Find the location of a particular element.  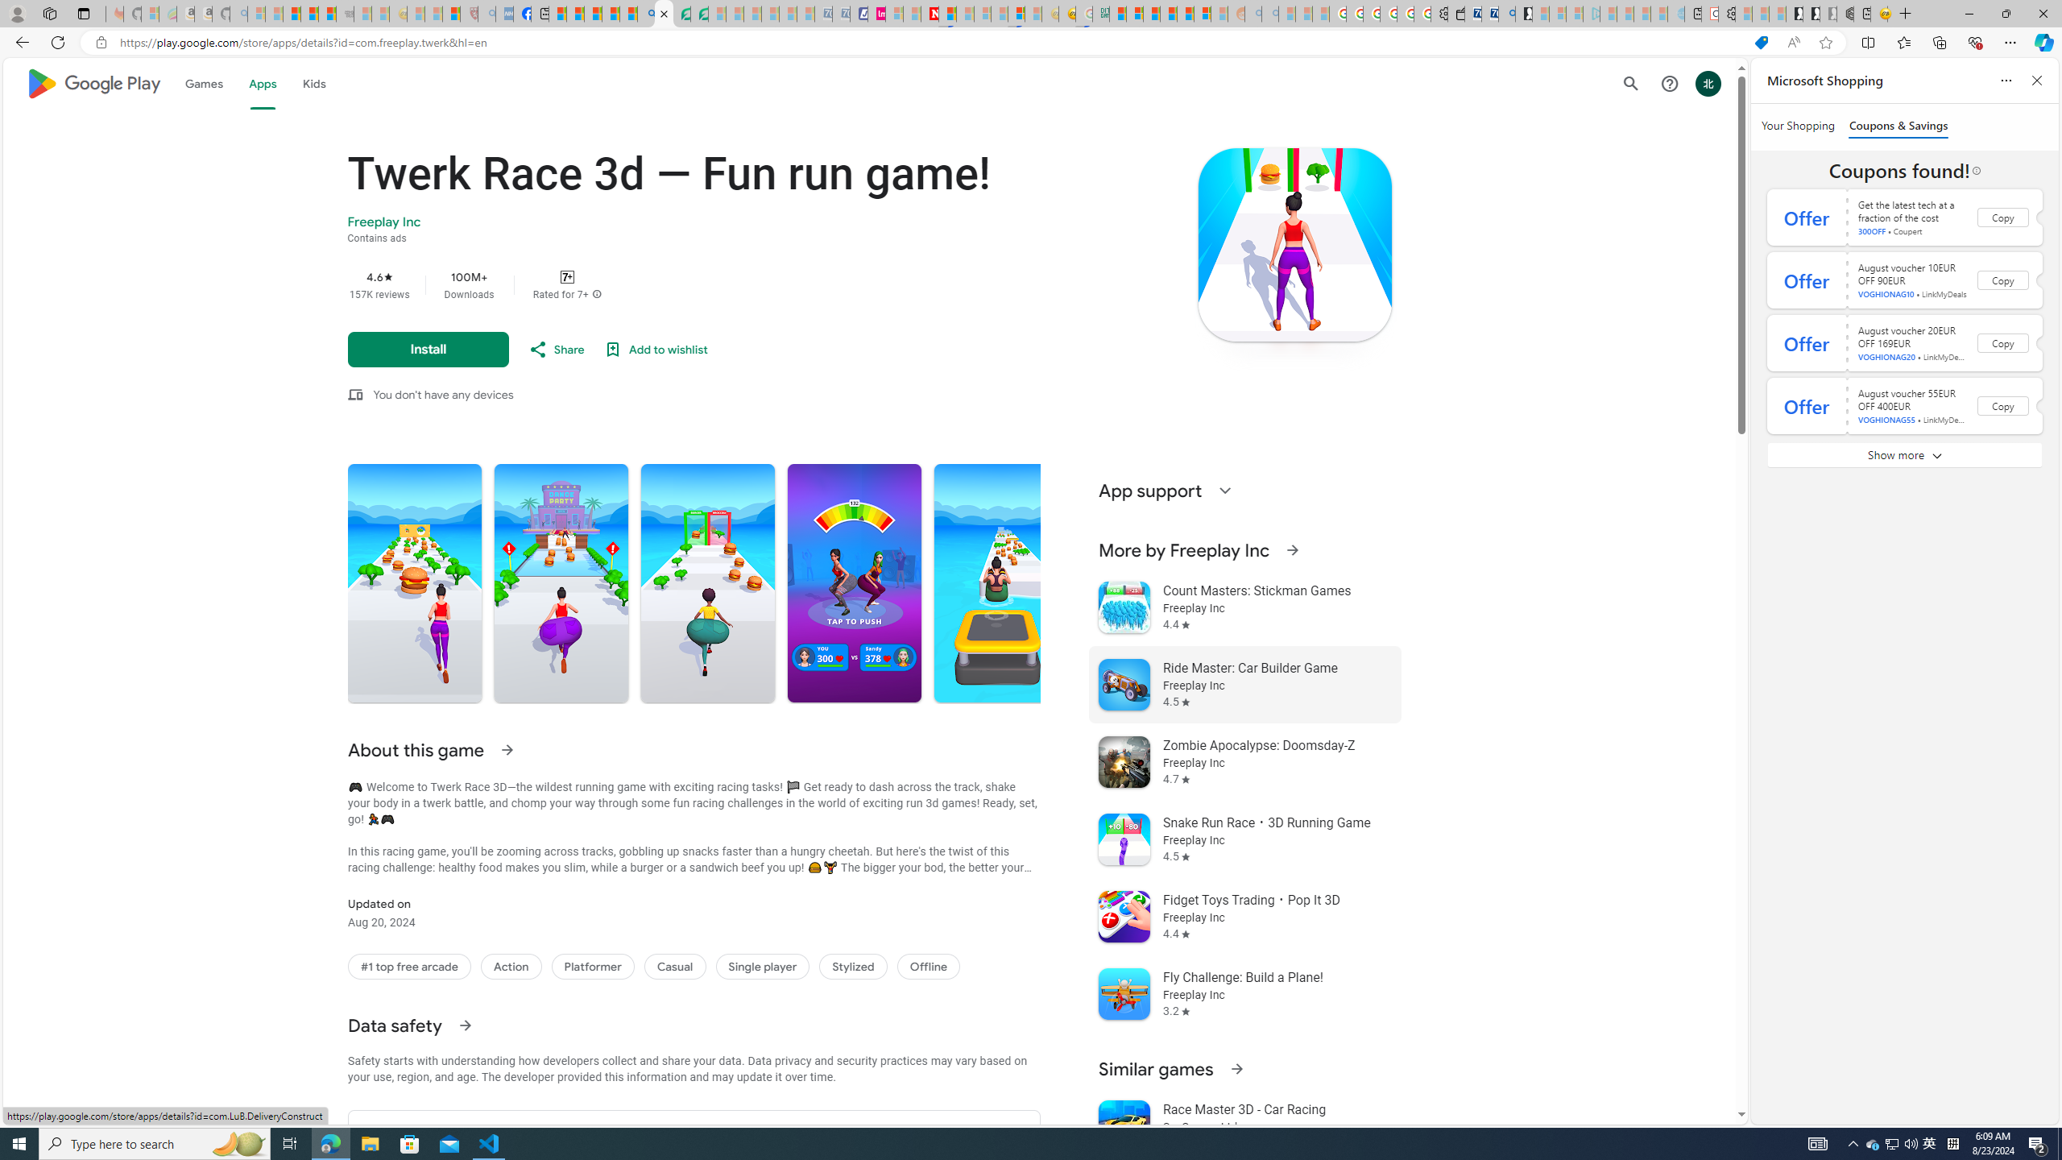

'New Tab' is located at coordinates (1905, 13).